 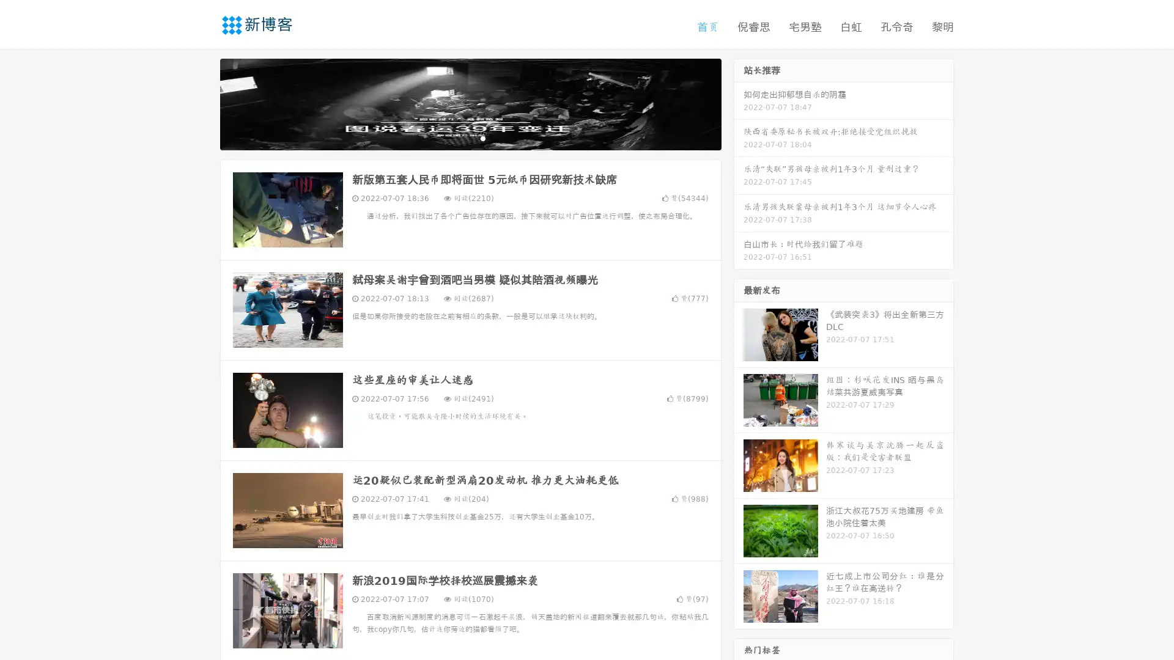 What do you see at coordinates (202, 103) in the screenshot?
I see `Previous slide` at bounding box center [202, 103].